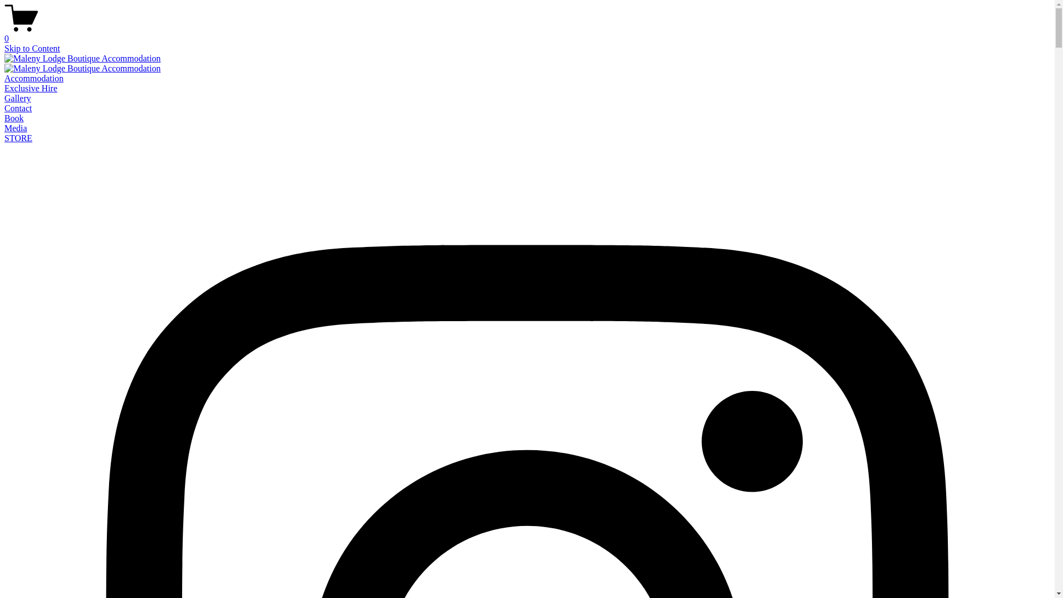 The width and height of the screenshot is (1063, 598). Describe the element at coordinates (31, 87) in the screenshot. I see `'Exclusive Hire'` at that location.